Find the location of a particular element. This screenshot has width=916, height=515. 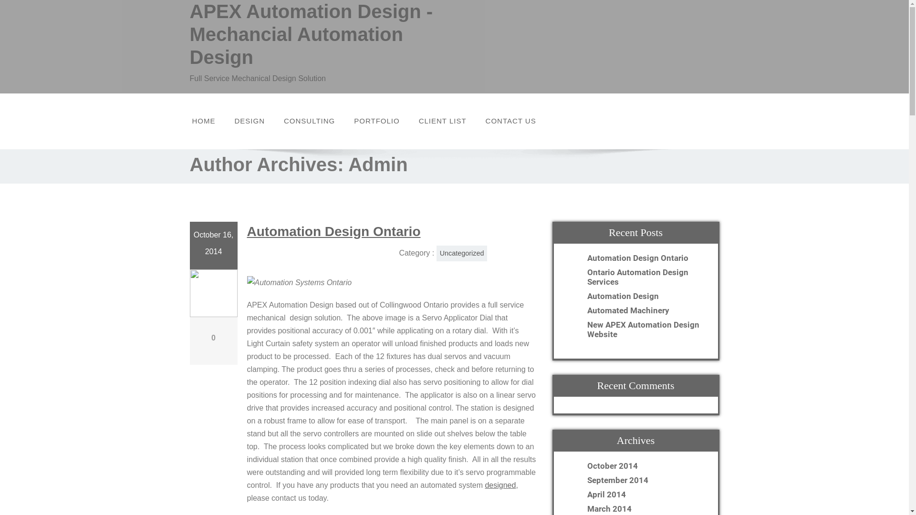

'Automation Design Ontario' is located at coordinates (645, 257).